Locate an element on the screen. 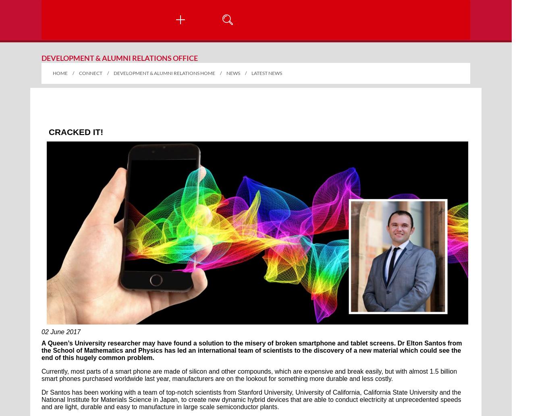  'CRACKED IT!' is located at coordinates (78, 131).